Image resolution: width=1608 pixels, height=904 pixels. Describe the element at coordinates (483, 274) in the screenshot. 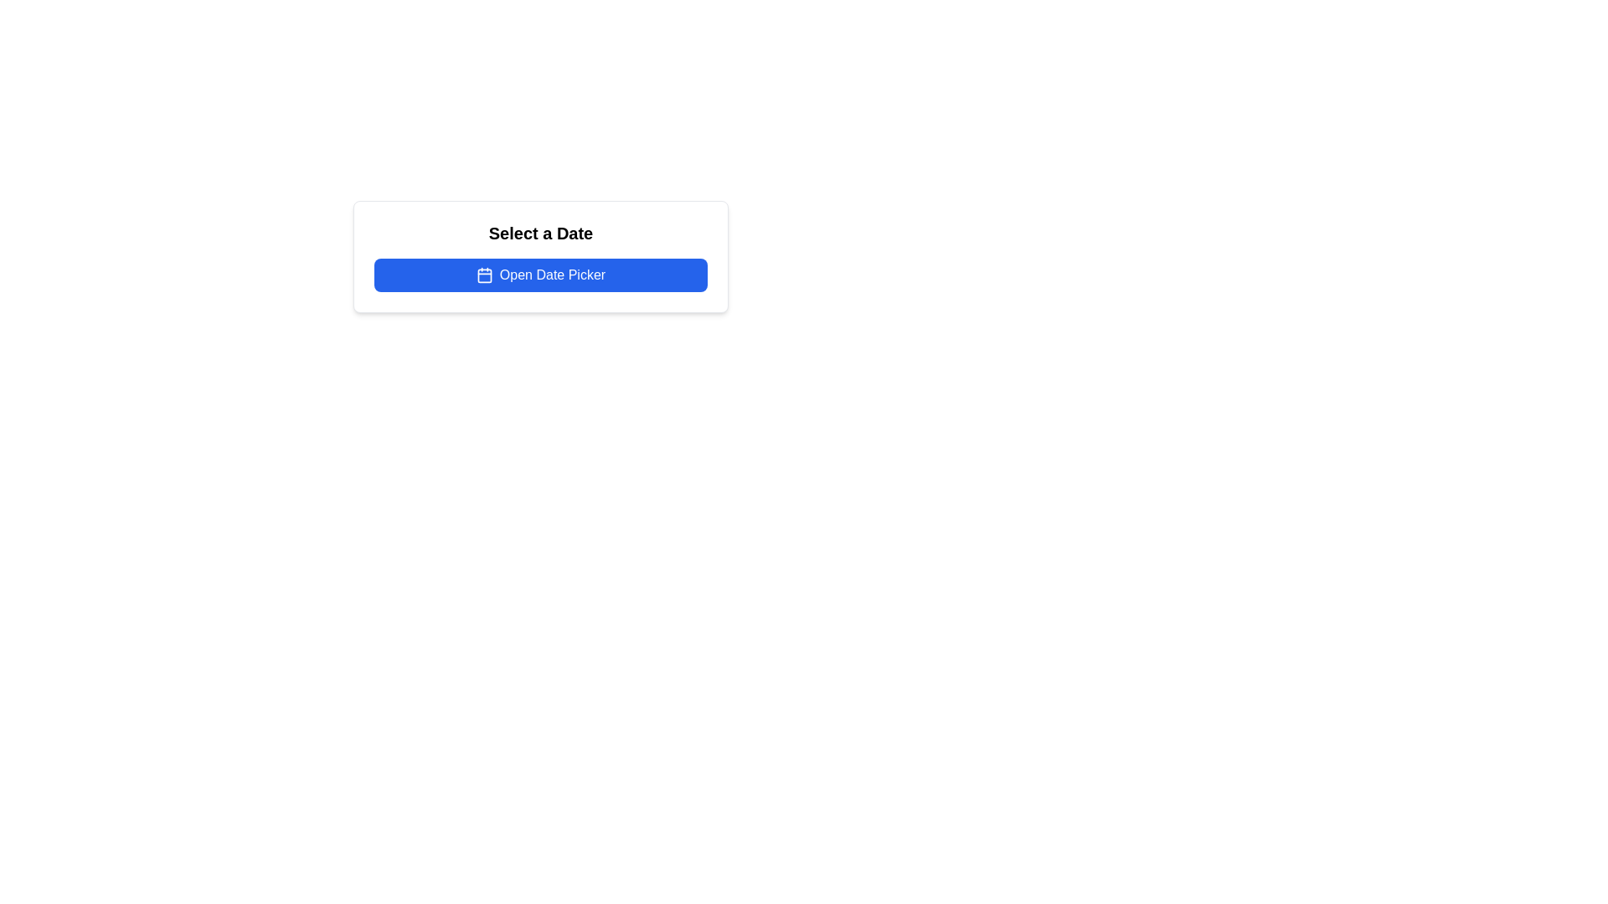

I see `the calendar icon located on the left side of the 'Open Date Picker' button` at that location.